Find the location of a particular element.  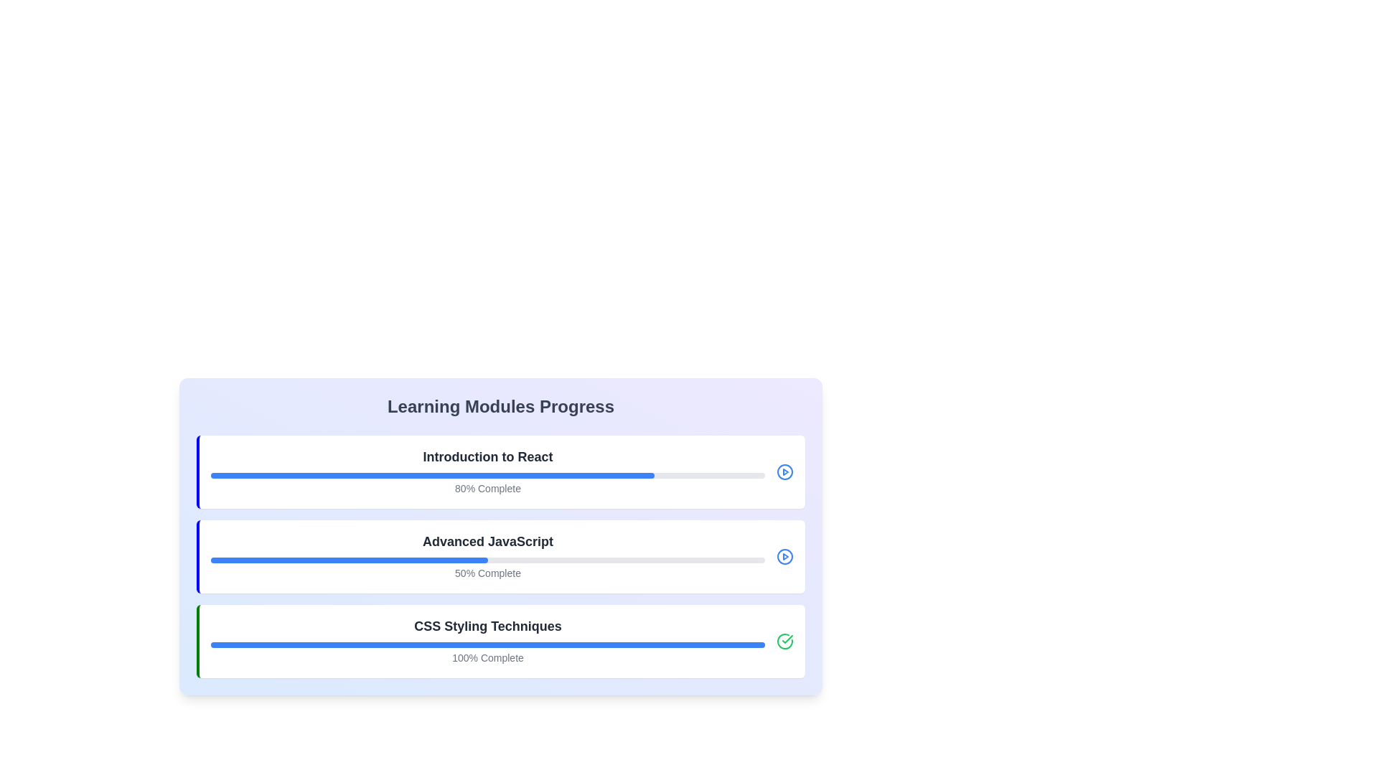

the rounded, blue colored progress bar segment that occupies 50% of its enclosing bar area in the 'Advanced JavaScript' progress section is located at coordinates (349, 559).